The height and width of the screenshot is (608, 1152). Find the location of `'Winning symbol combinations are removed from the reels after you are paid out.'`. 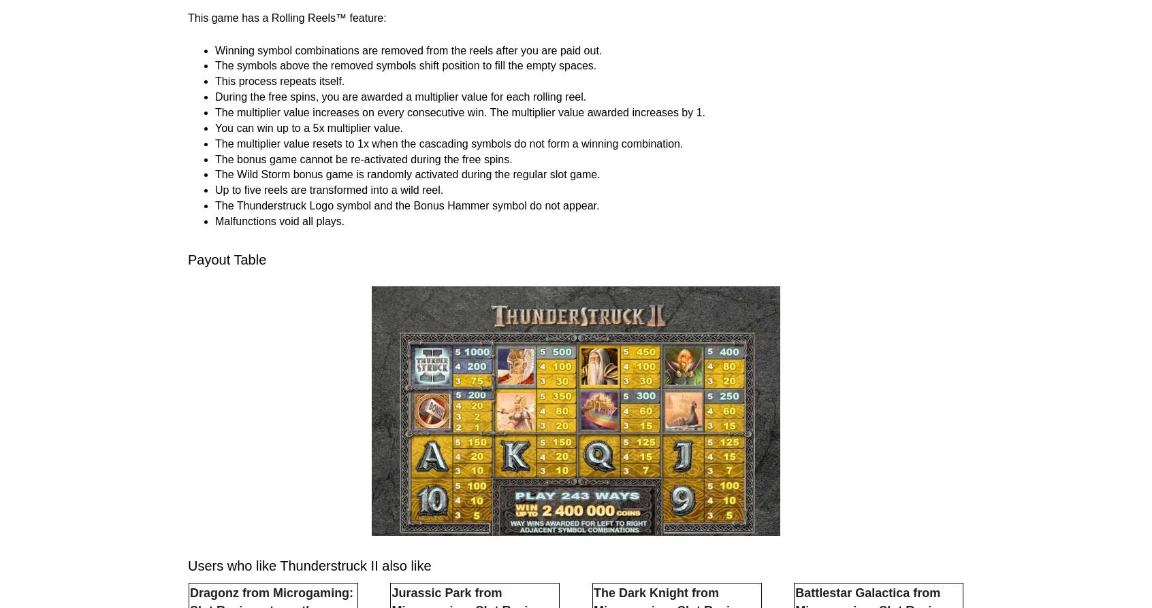

'Winning symbol combinations are removed from the reels after you are paid out.' is located at coordinates (214, 220).